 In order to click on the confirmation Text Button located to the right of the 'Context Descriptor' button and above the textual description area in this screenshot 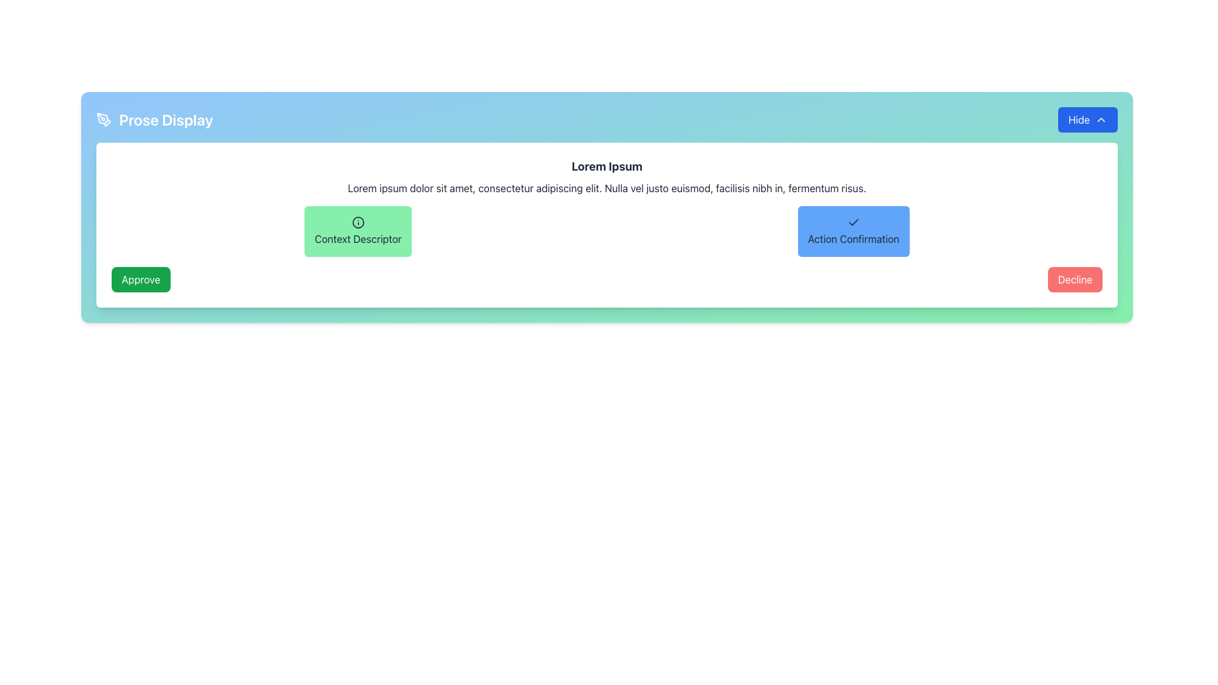, I will do `click(853, 232)`.